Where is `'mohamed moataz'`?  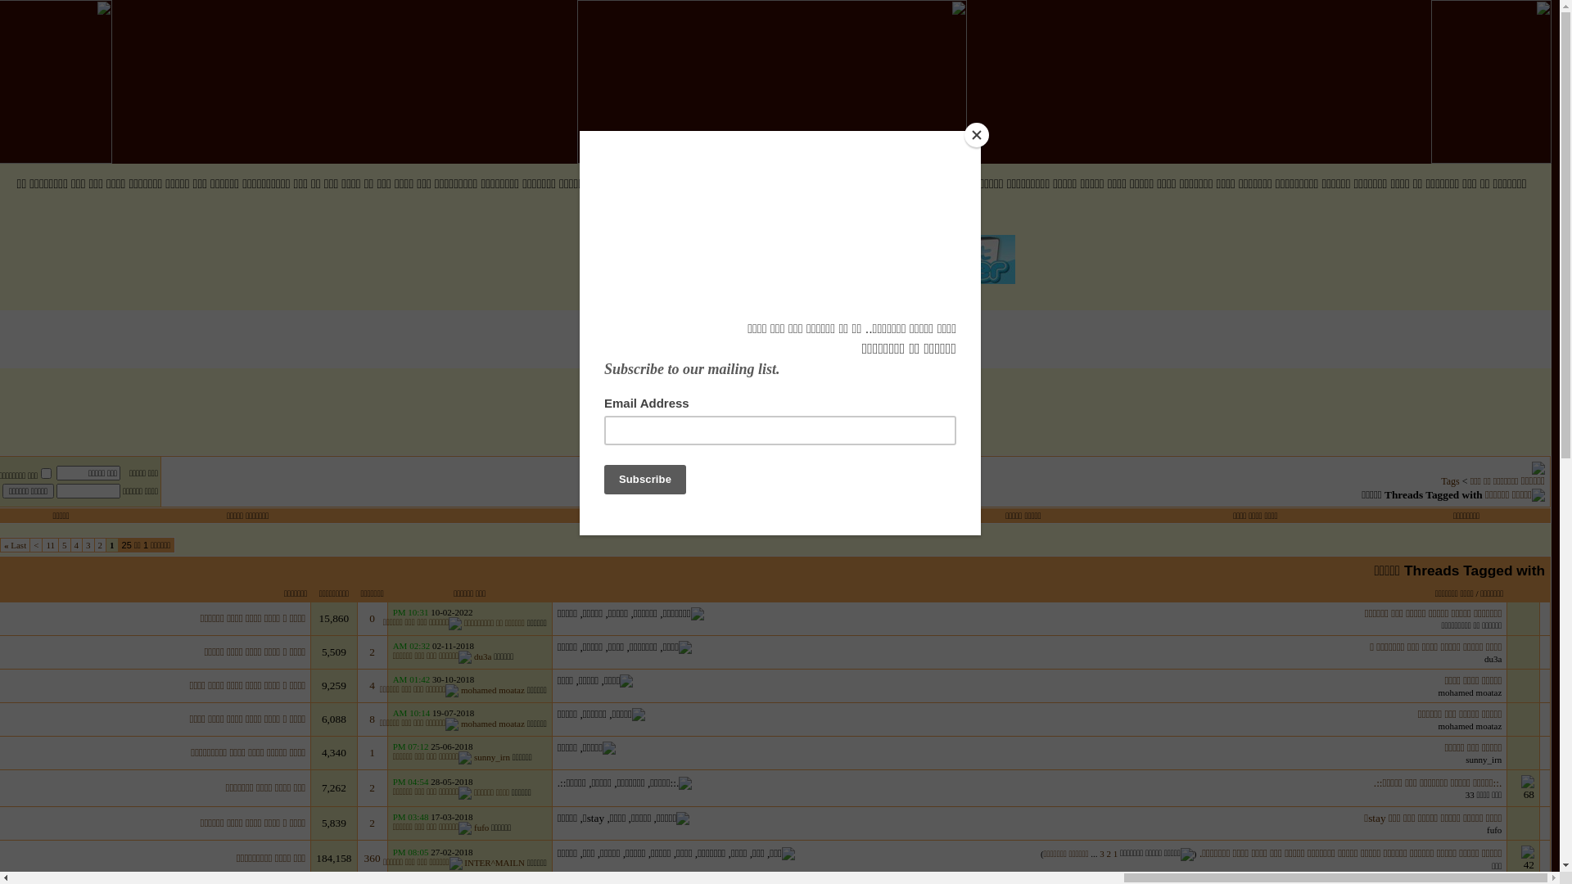
'mohamed moataz' is located at coordinates (1470, 692).